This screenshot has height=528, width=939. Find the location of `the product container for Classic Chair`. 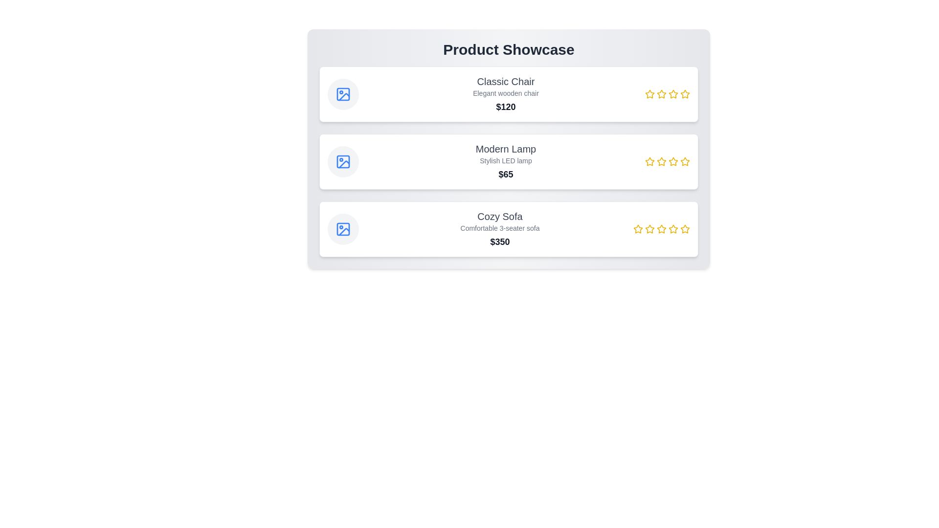

the product container for Classic Chair is located at coordinates (509, 94).